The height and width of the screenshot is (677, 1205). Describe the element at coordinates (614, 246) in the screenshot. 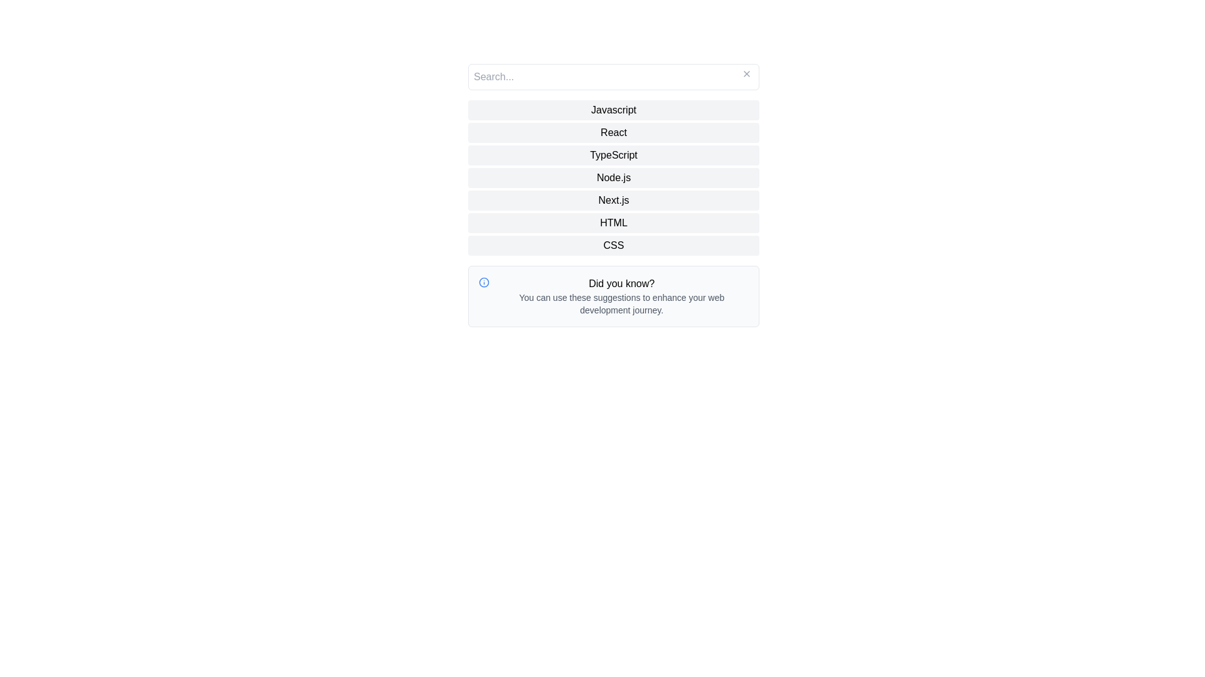

I see `the button at the bottom of the list for CSS` at that location.